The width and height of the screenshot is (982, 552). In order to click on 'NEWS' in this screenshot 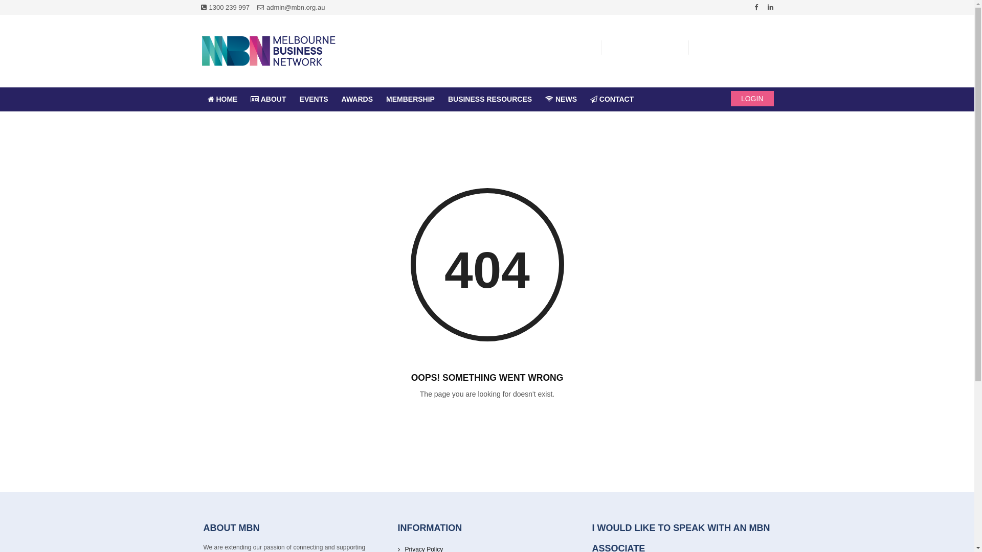, I will do `click(561, 99)`.